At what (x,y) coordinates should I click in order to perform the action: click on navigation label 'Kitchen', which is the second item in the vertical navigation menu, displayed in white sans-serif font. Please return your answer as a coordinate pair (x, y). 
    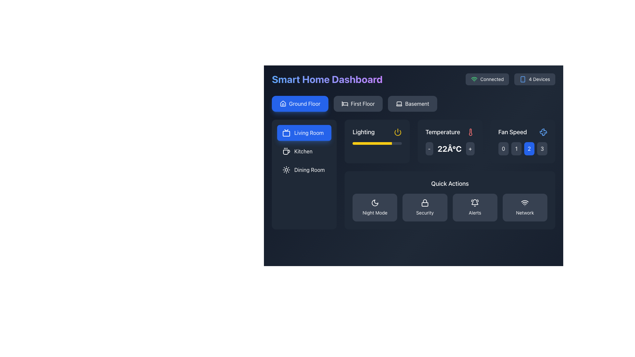
    Looking at the image, I should click on (303, 151).